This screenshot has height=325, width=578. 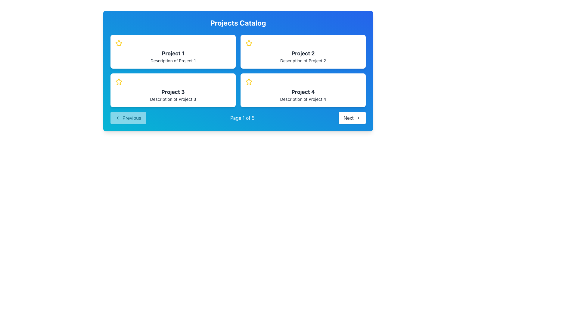 What do you see at coordinates (173, 99) in the screenshot?
I see `the descriptive text label for 'Project 3' located underneath the title in the card module` at bounding box center [173, 99].